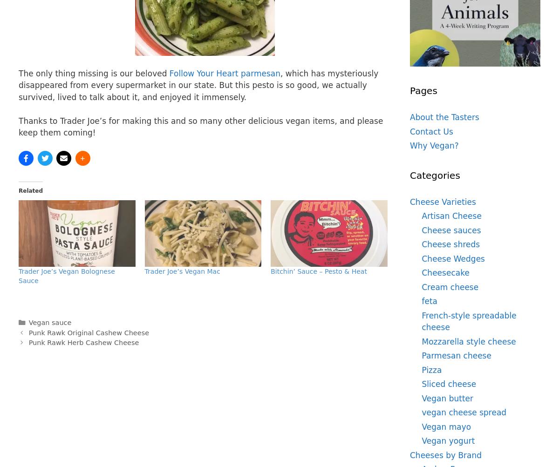 The width and height of the screenshot is (559, 467). Describe the element at coordinates (28, 322) in the screenshot. I see `'Vegan sauce'` at that location.